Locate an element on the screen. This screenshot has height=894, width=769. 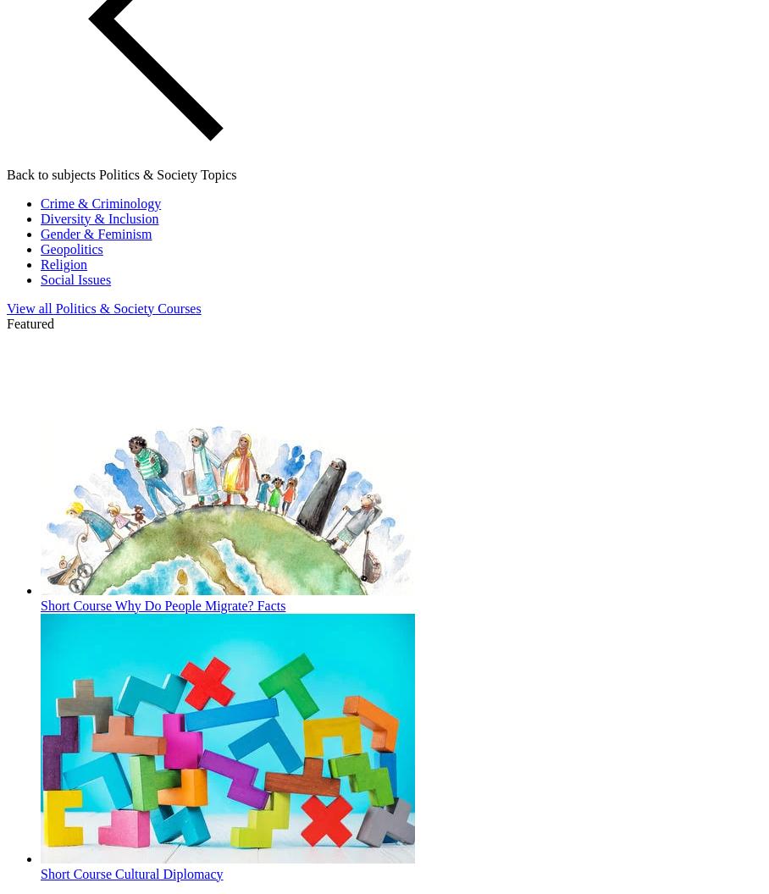
'Featured' is located at coordinates (29, 322).